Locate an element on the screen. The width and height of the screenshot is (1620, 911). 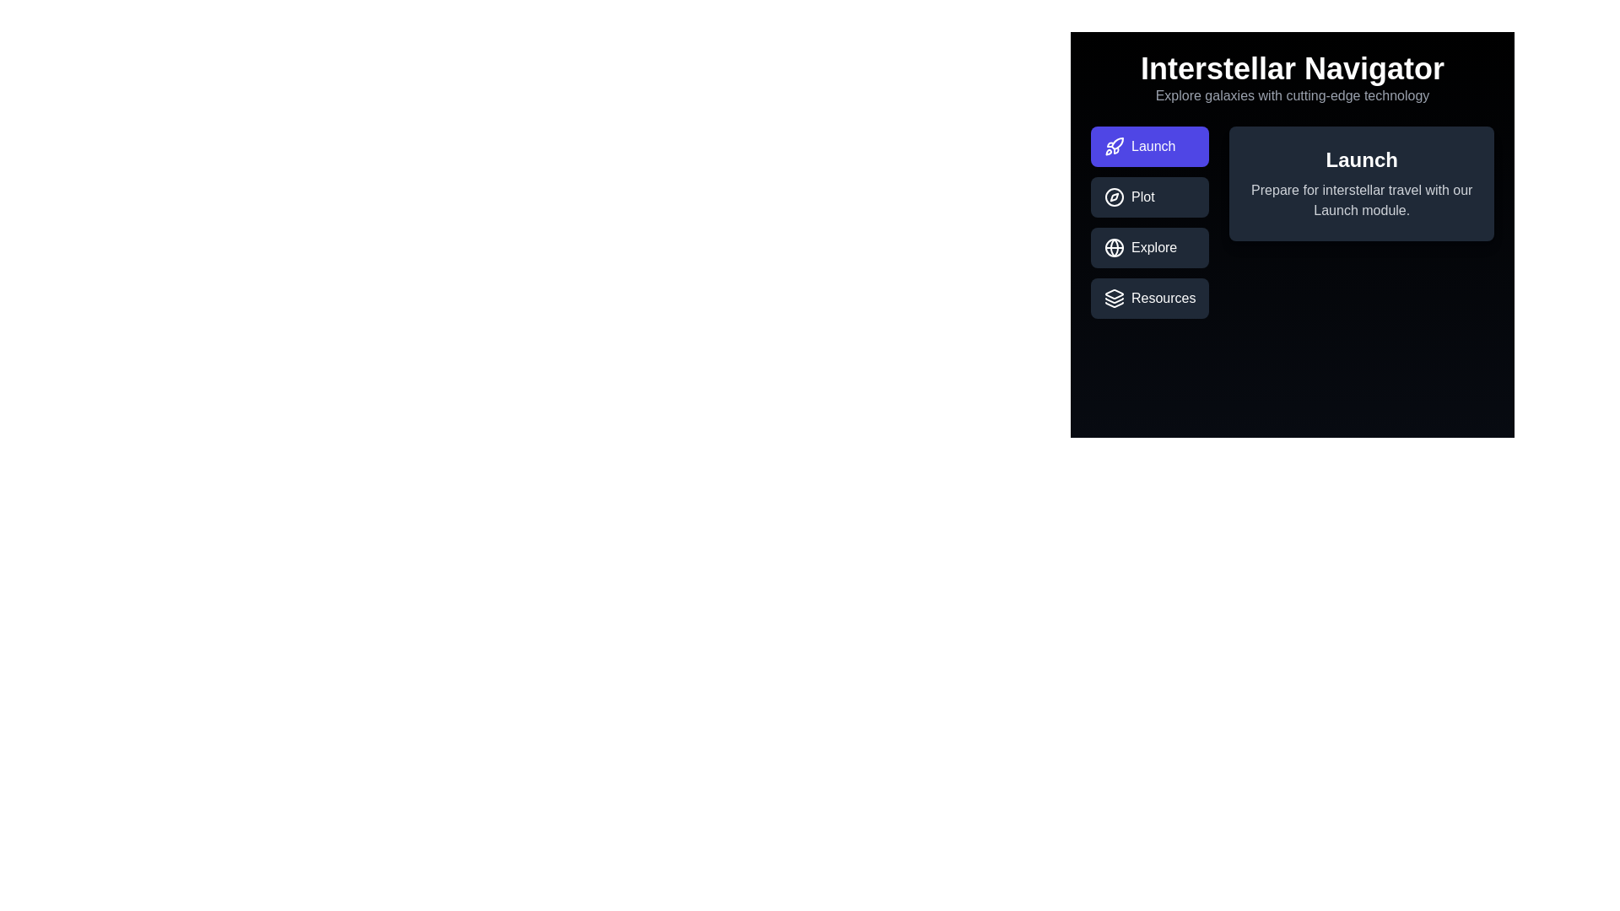
the tab labeled Launch to observe the visual feedback is located at coordinates (1149, 145).